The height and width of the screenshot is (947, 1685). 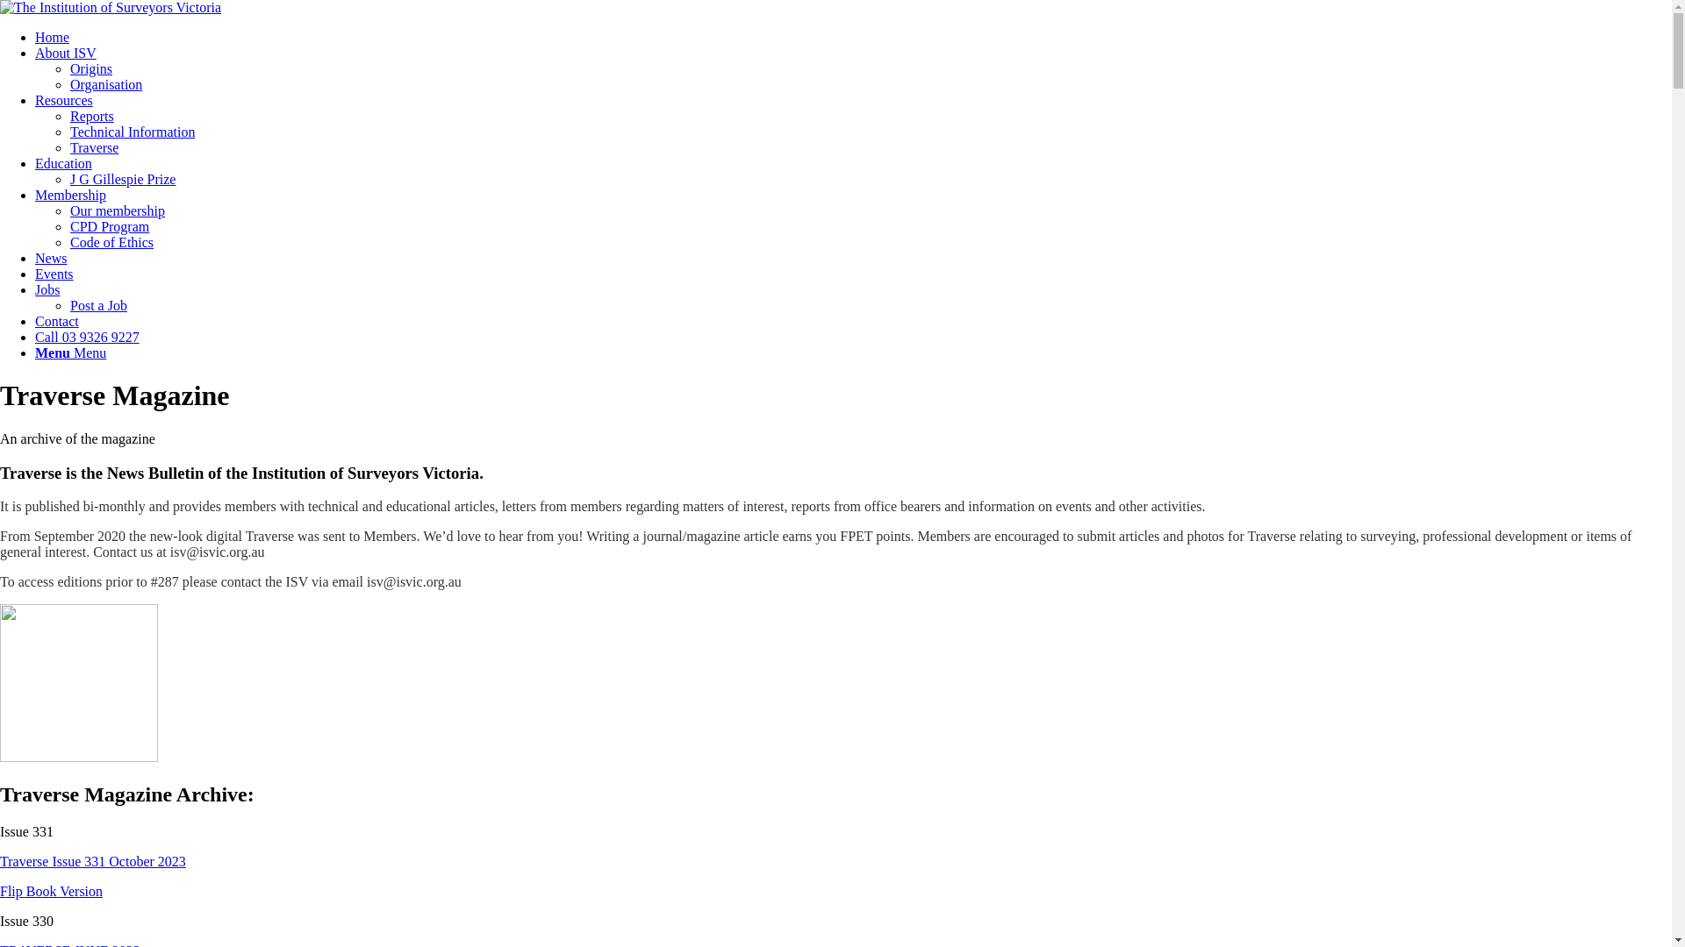 I want to click on 'Technical Information', so click(x=131, y=131).